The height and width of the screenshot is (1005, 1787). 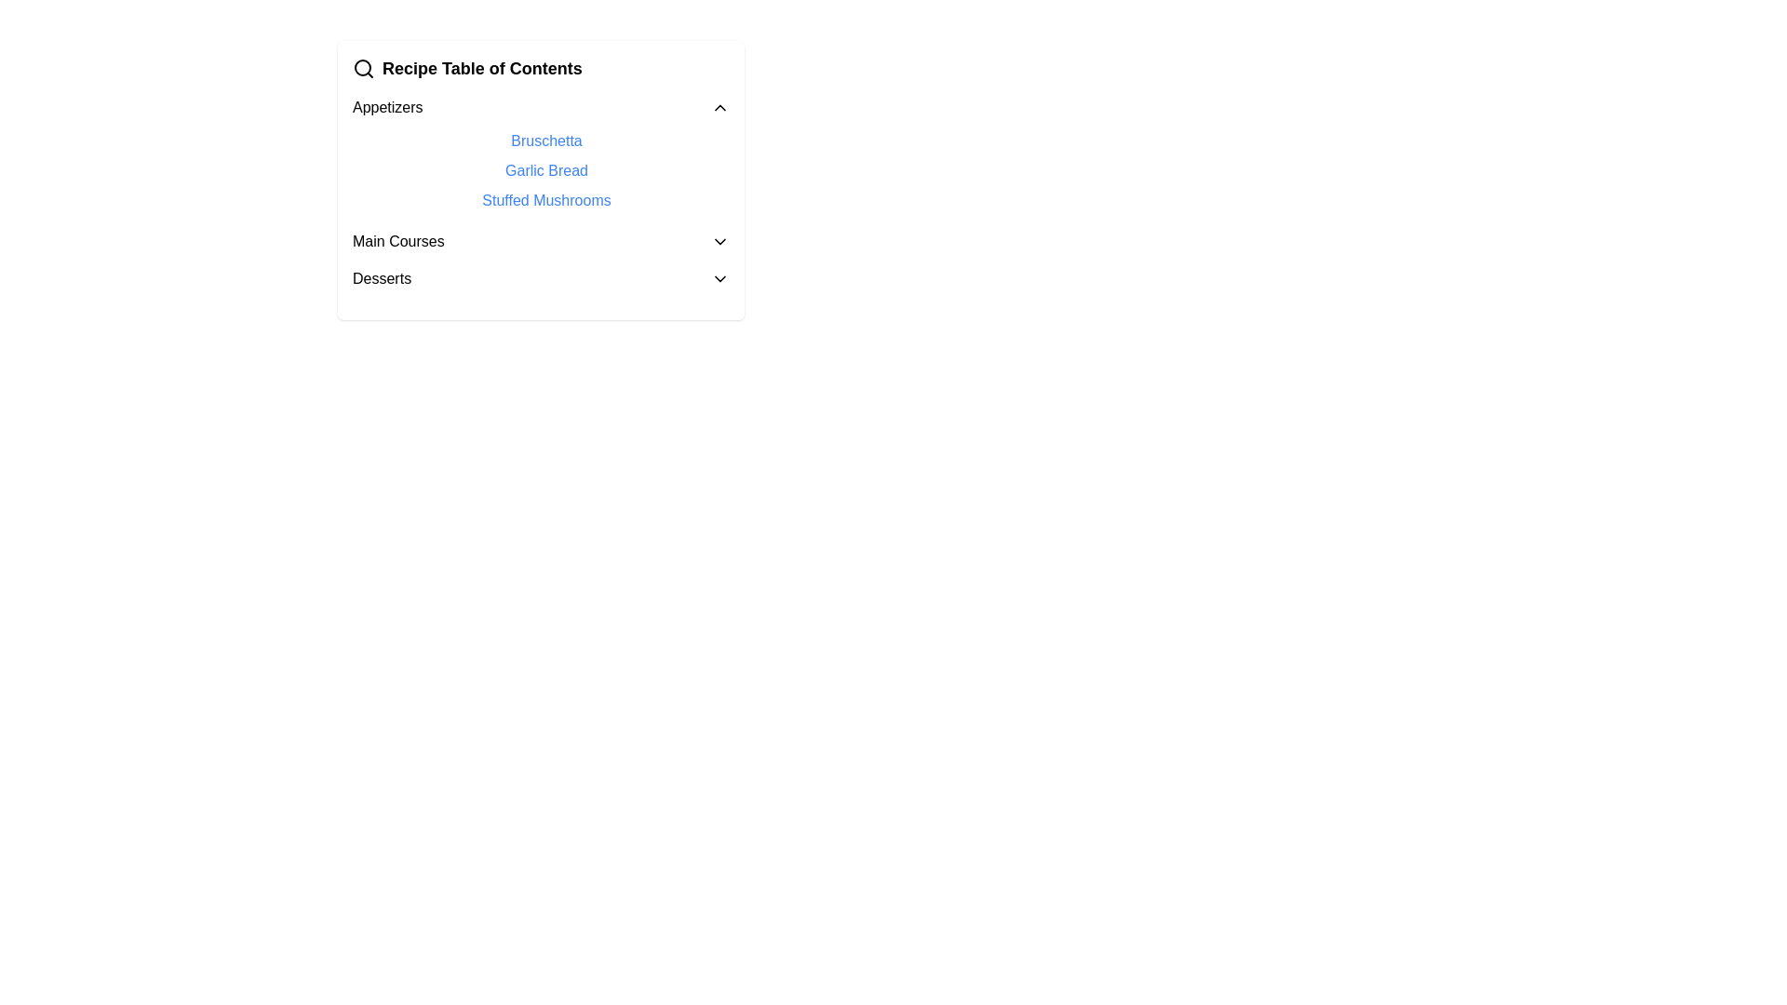 What do you see at coordinates (386, 107) in the screenshot?
I see `the text label 'Appetizers'` at bounding box center [386, 107].